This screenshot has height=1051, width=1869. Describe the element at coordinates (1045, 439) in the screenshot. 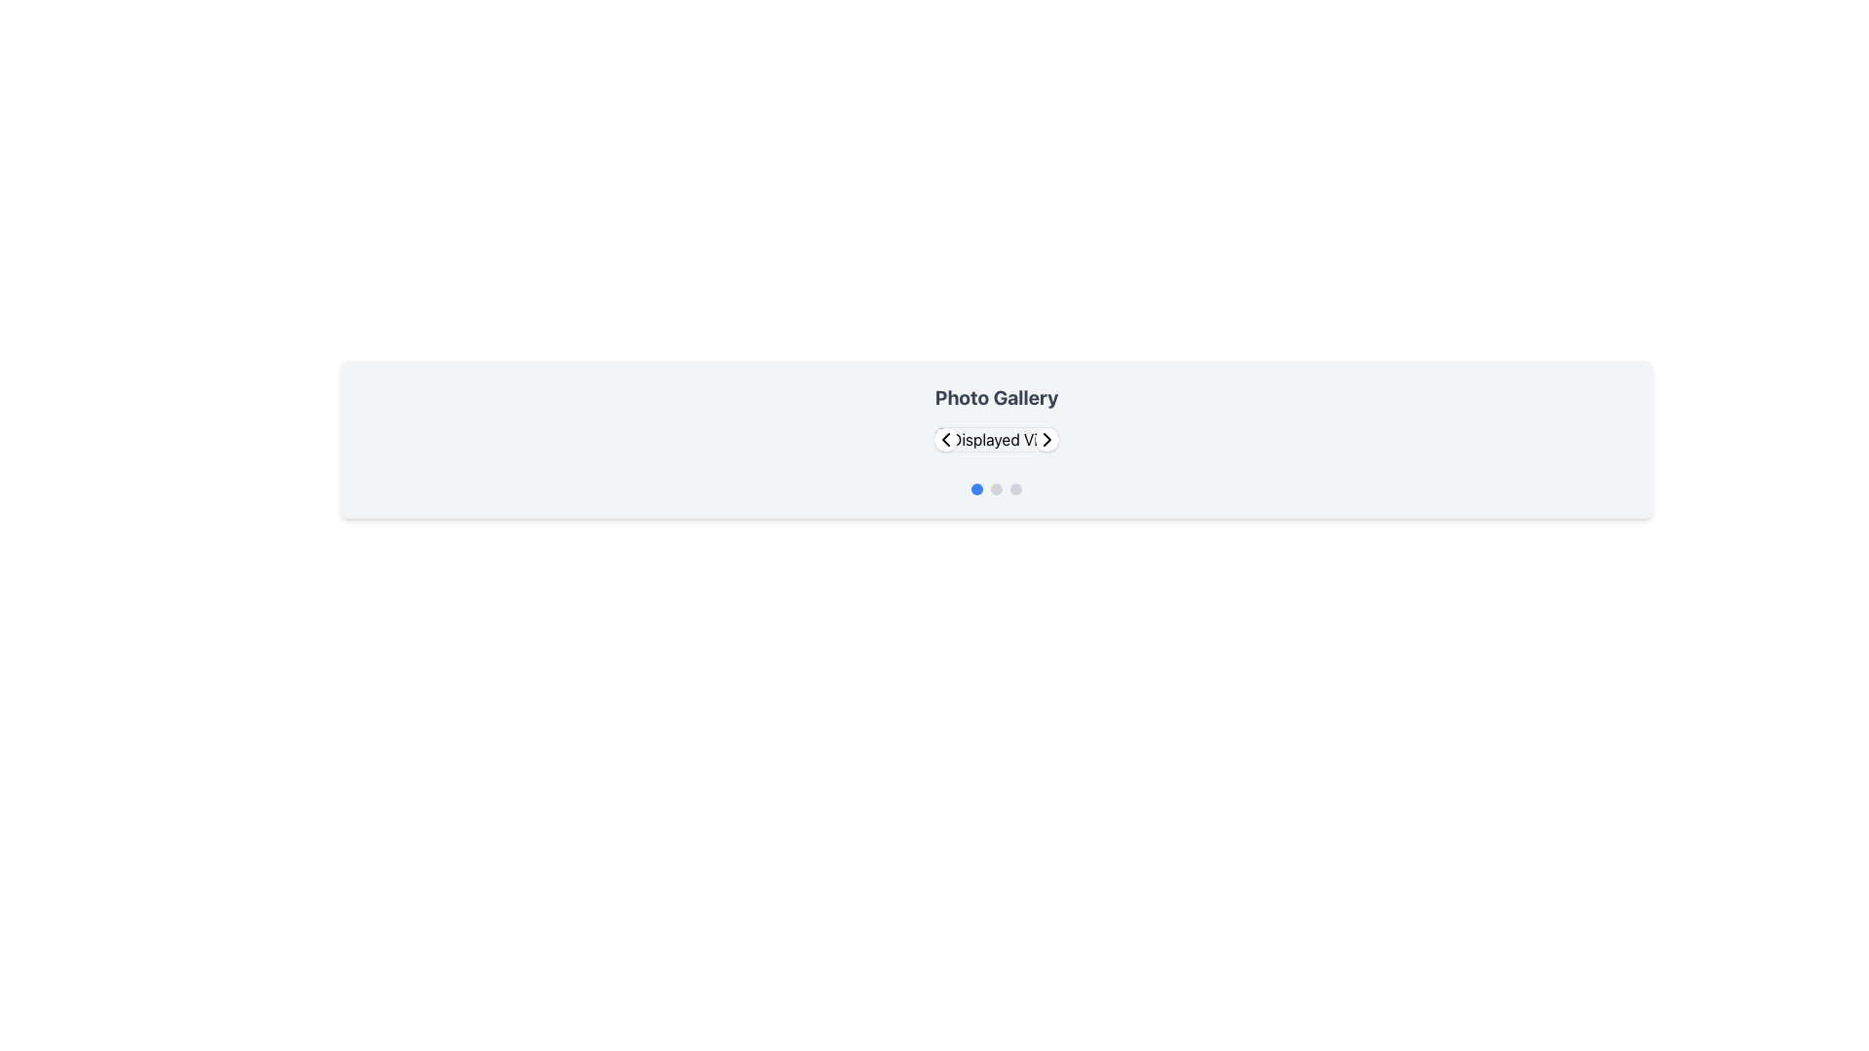

I see `the right-pointing chevron arrow icon located next to the 'Displayed View' text in the navigational area` at that location.